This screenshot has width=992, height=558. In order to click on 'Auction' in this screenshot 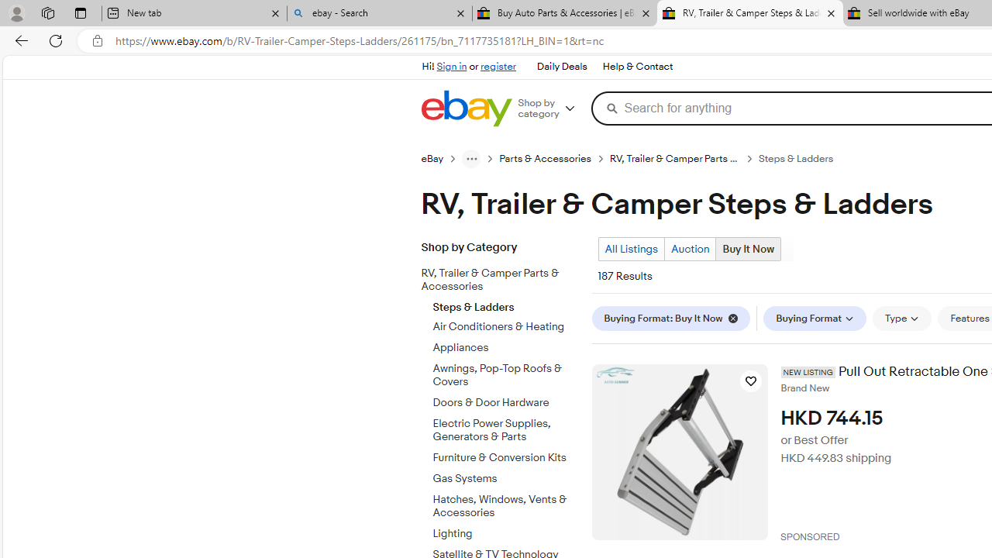, I will do `click(689, 248)`.